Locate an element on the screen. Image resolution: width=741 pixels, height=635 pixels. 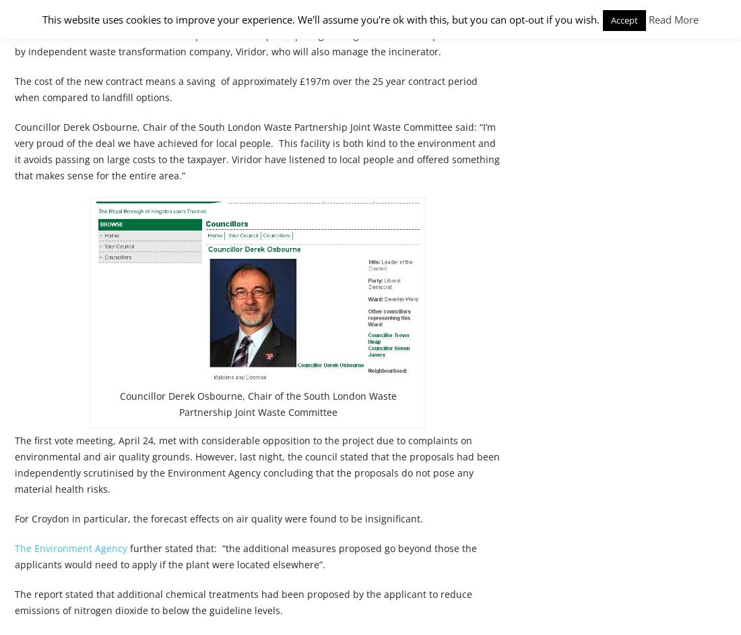
'The report stated that additional chemical treatments had been proposed by the applicant to reduce emissions of nitrogen dioxide to below the guideline levels.' is located at coordinates (14, 602).